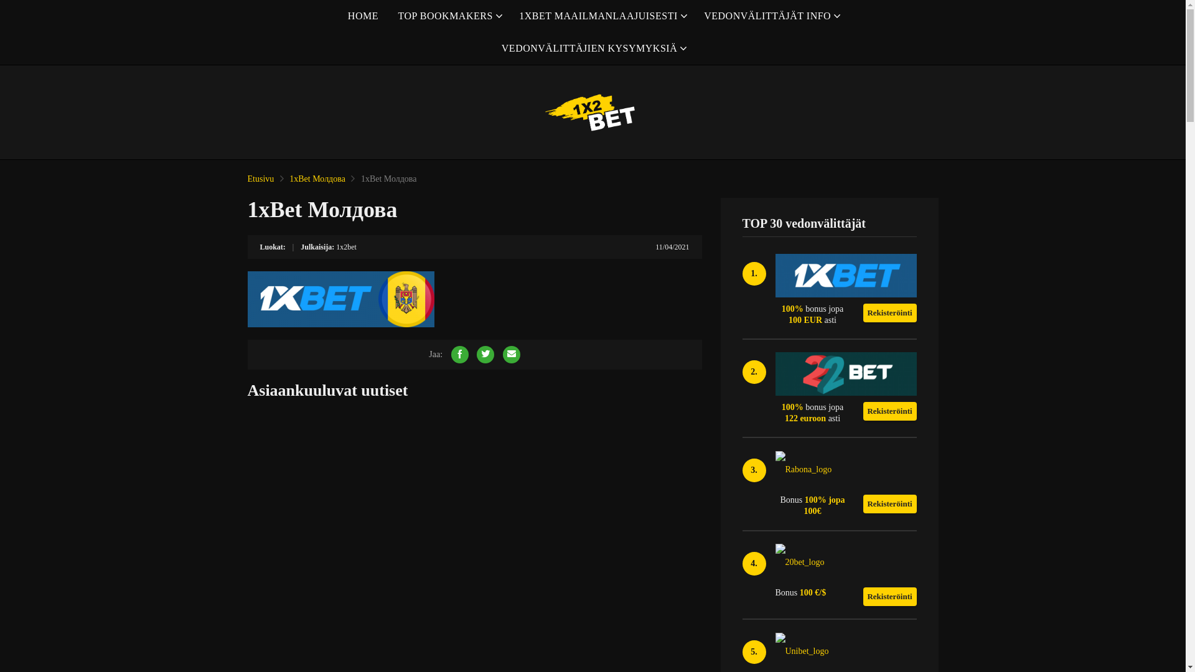 Image resolution: width=1195 pixels, height=672 pixels. Describe the element at coordinates (484, 355) in the screenshot. I see `'Share on Twitter'` at that location.